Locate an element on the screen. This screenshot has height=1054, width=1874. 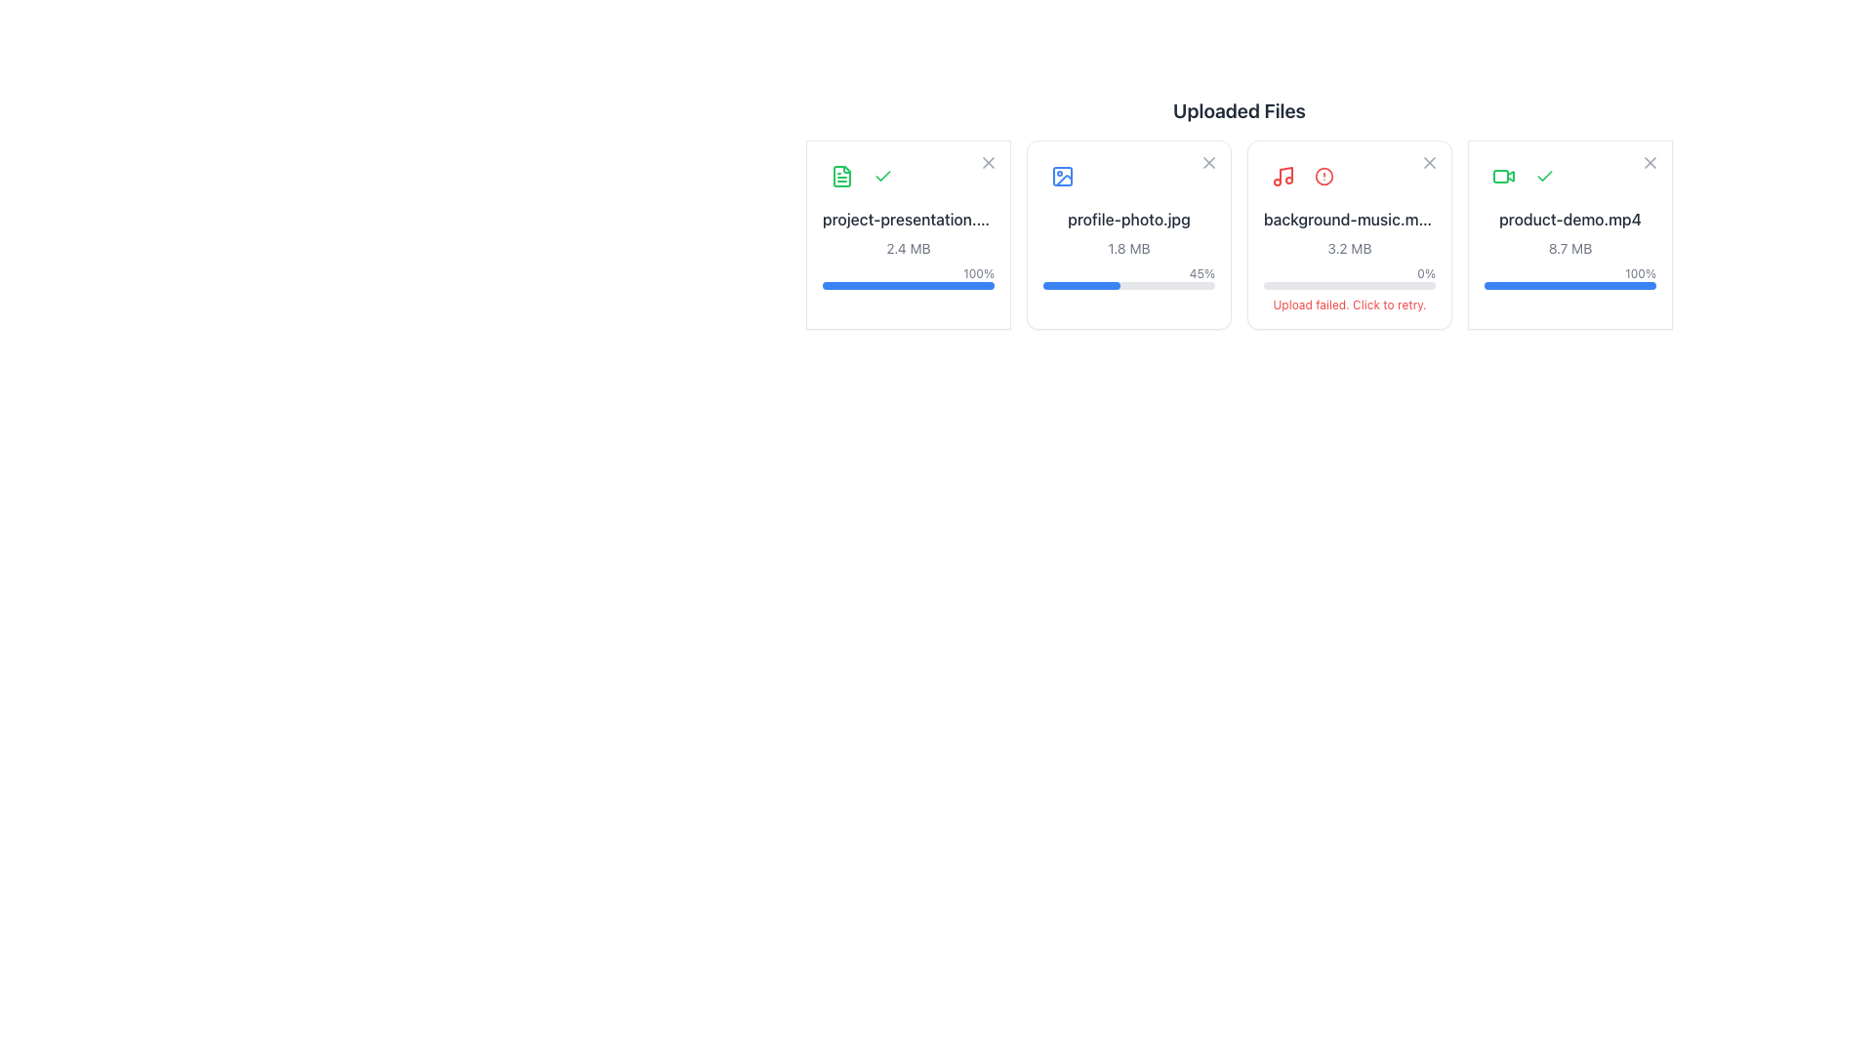
progress bar value is located at coordinates (1094, 286).